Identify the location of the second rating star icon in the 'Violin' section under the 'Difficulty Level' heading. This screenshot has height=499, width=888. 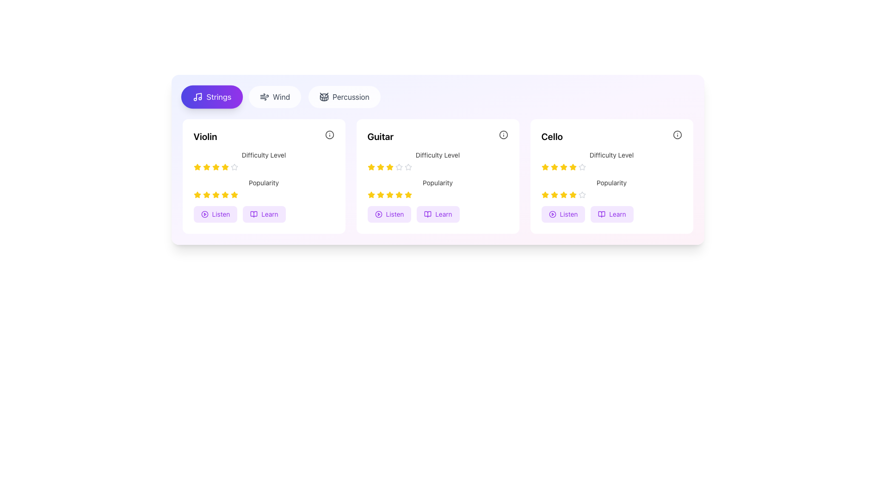
(206, 167).